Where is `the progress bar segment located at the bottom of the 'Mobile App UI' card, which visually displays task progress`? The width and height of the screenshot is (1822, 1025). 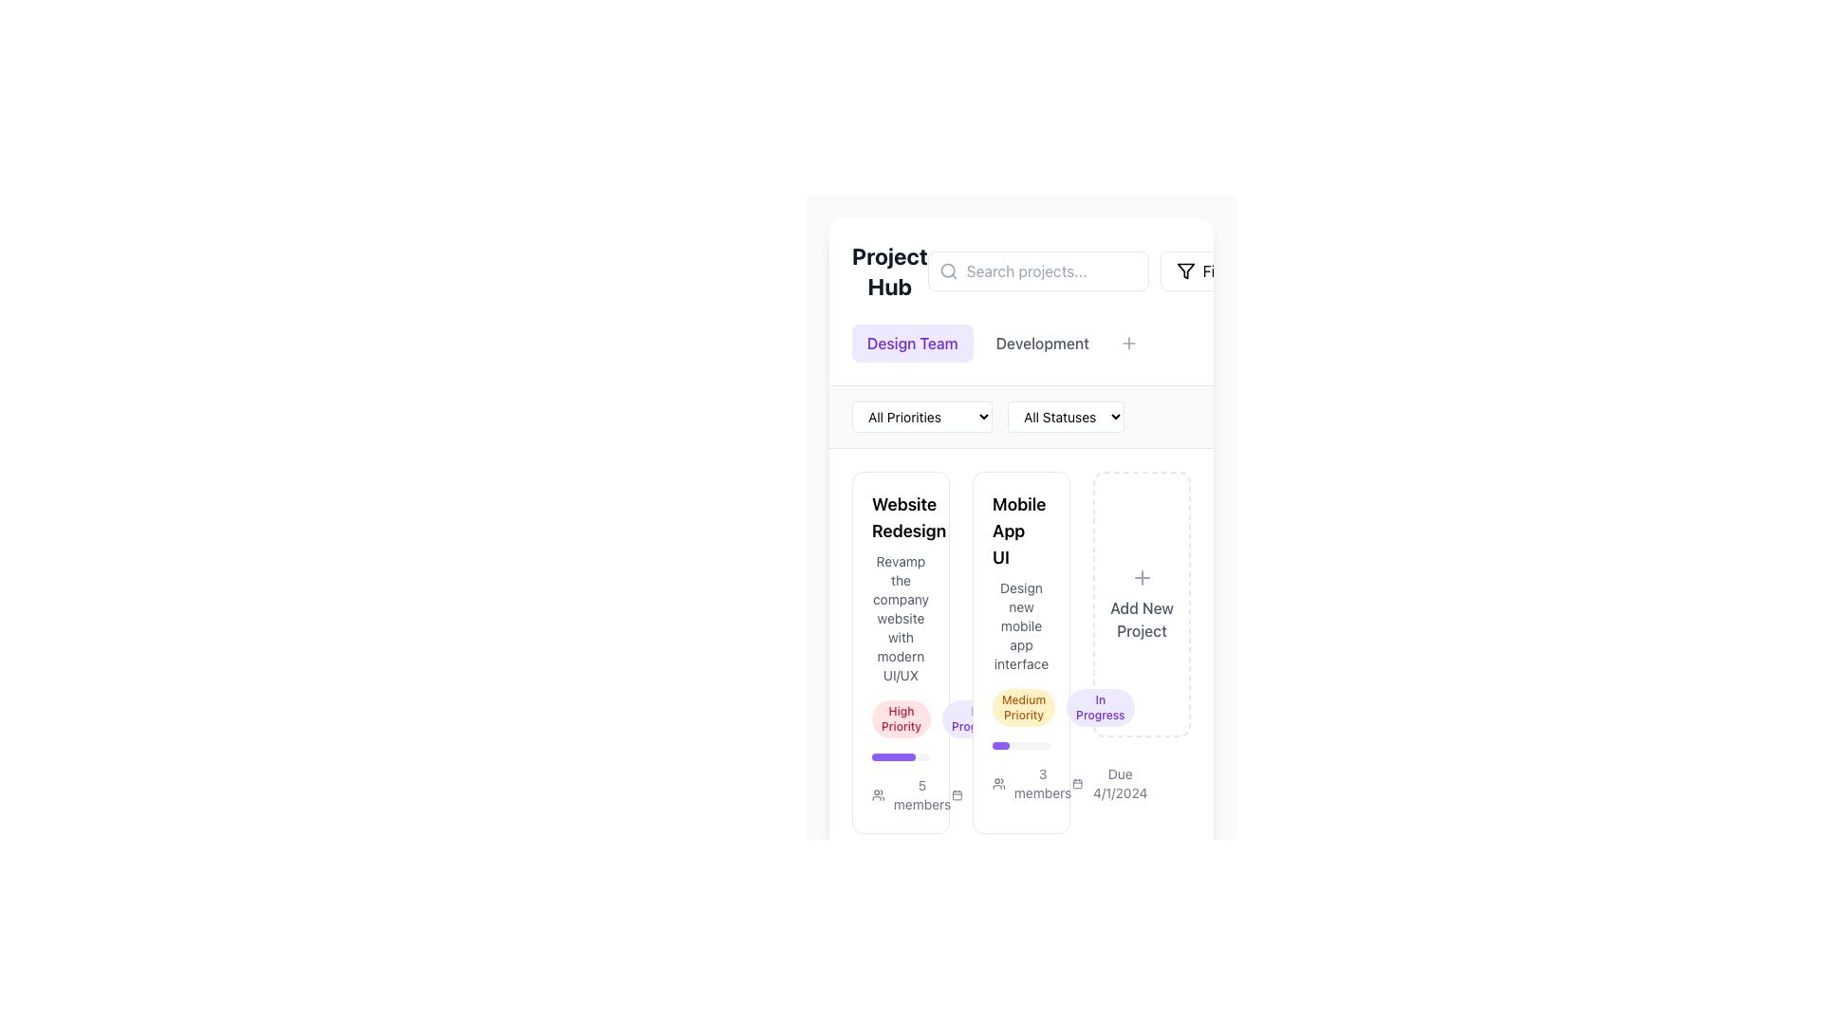 the progress bar segment located at the bottom of the 'Mobile App UI' card, which visually displays task progress is located at coordinates (892, 756).